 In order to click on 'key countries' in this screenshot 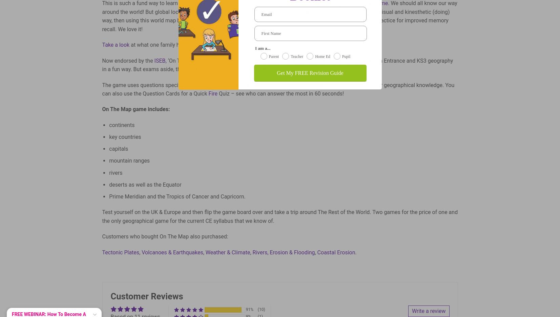, I will do `click(124, 136)`.